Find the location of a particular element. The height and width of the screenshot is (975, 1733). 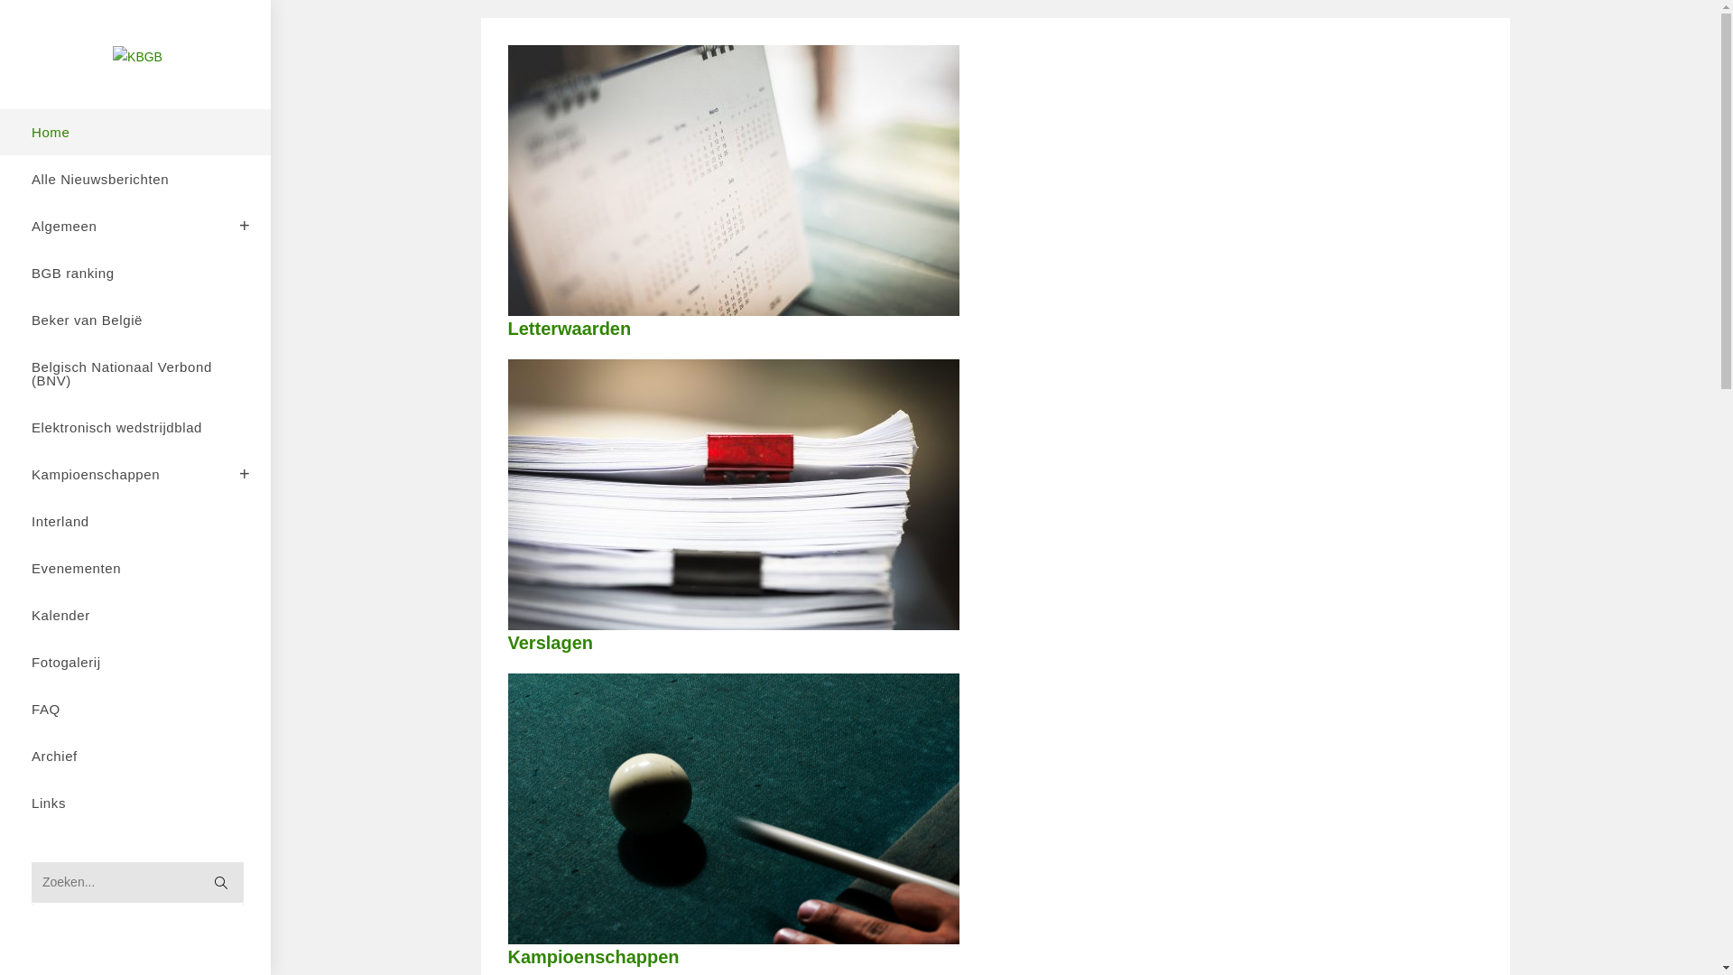

'Verzend zoekopdracht' is located at coordinates (199, 882).